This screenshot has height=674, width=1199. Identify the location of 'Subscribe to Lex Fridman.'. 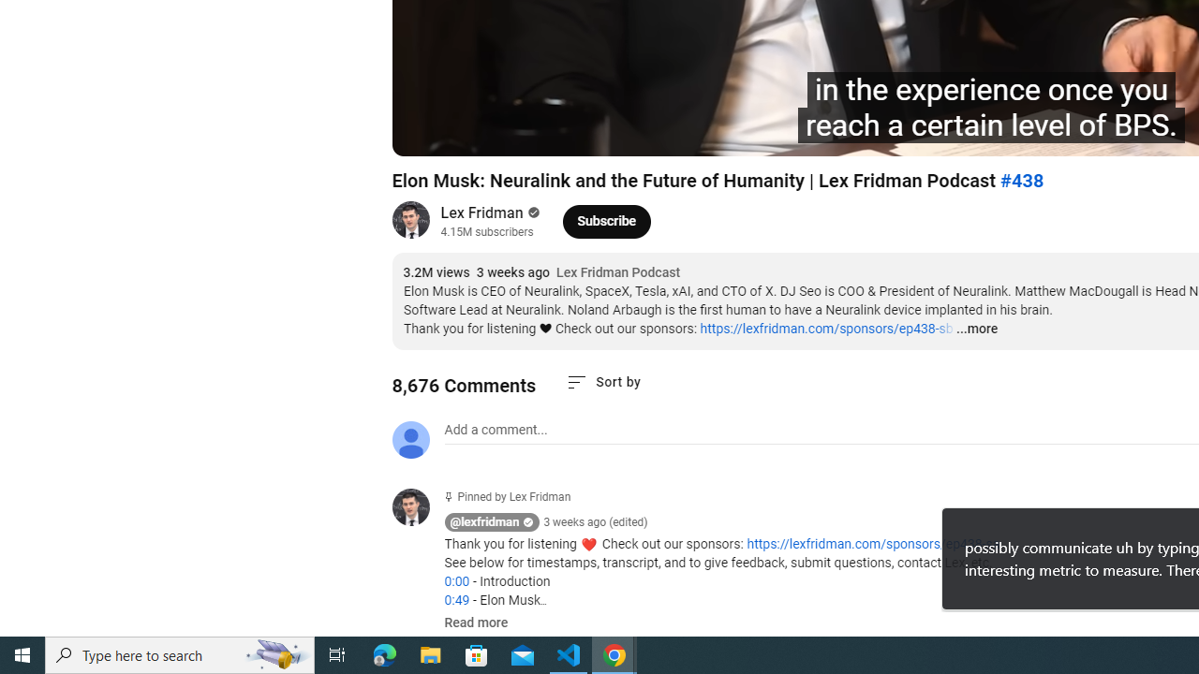
(607, 220).